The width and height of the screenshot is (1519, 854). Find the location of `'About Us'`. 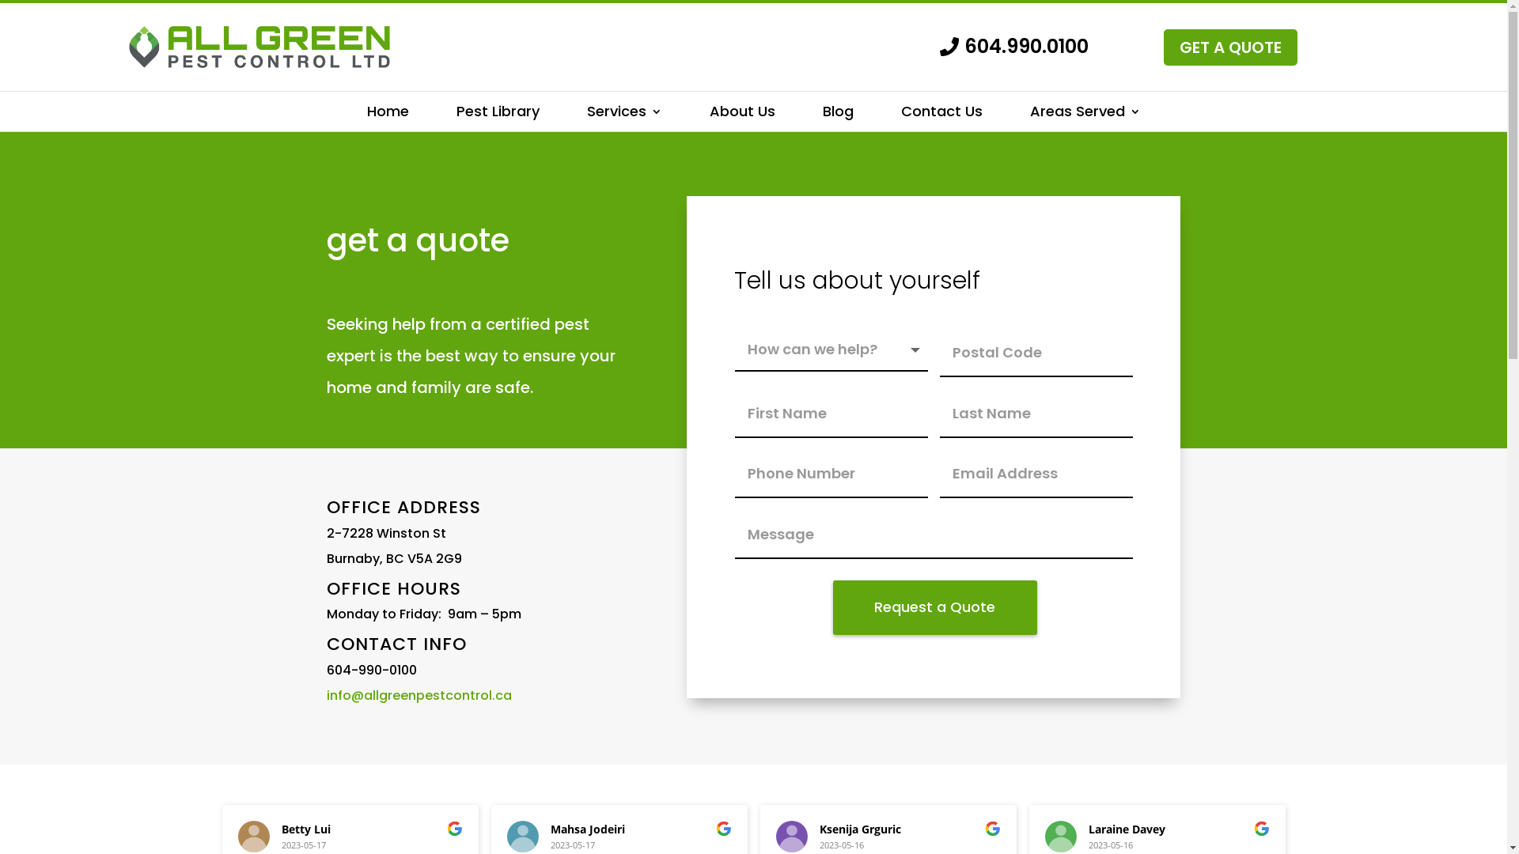

'About Us' is located at coordinates (741, 114).